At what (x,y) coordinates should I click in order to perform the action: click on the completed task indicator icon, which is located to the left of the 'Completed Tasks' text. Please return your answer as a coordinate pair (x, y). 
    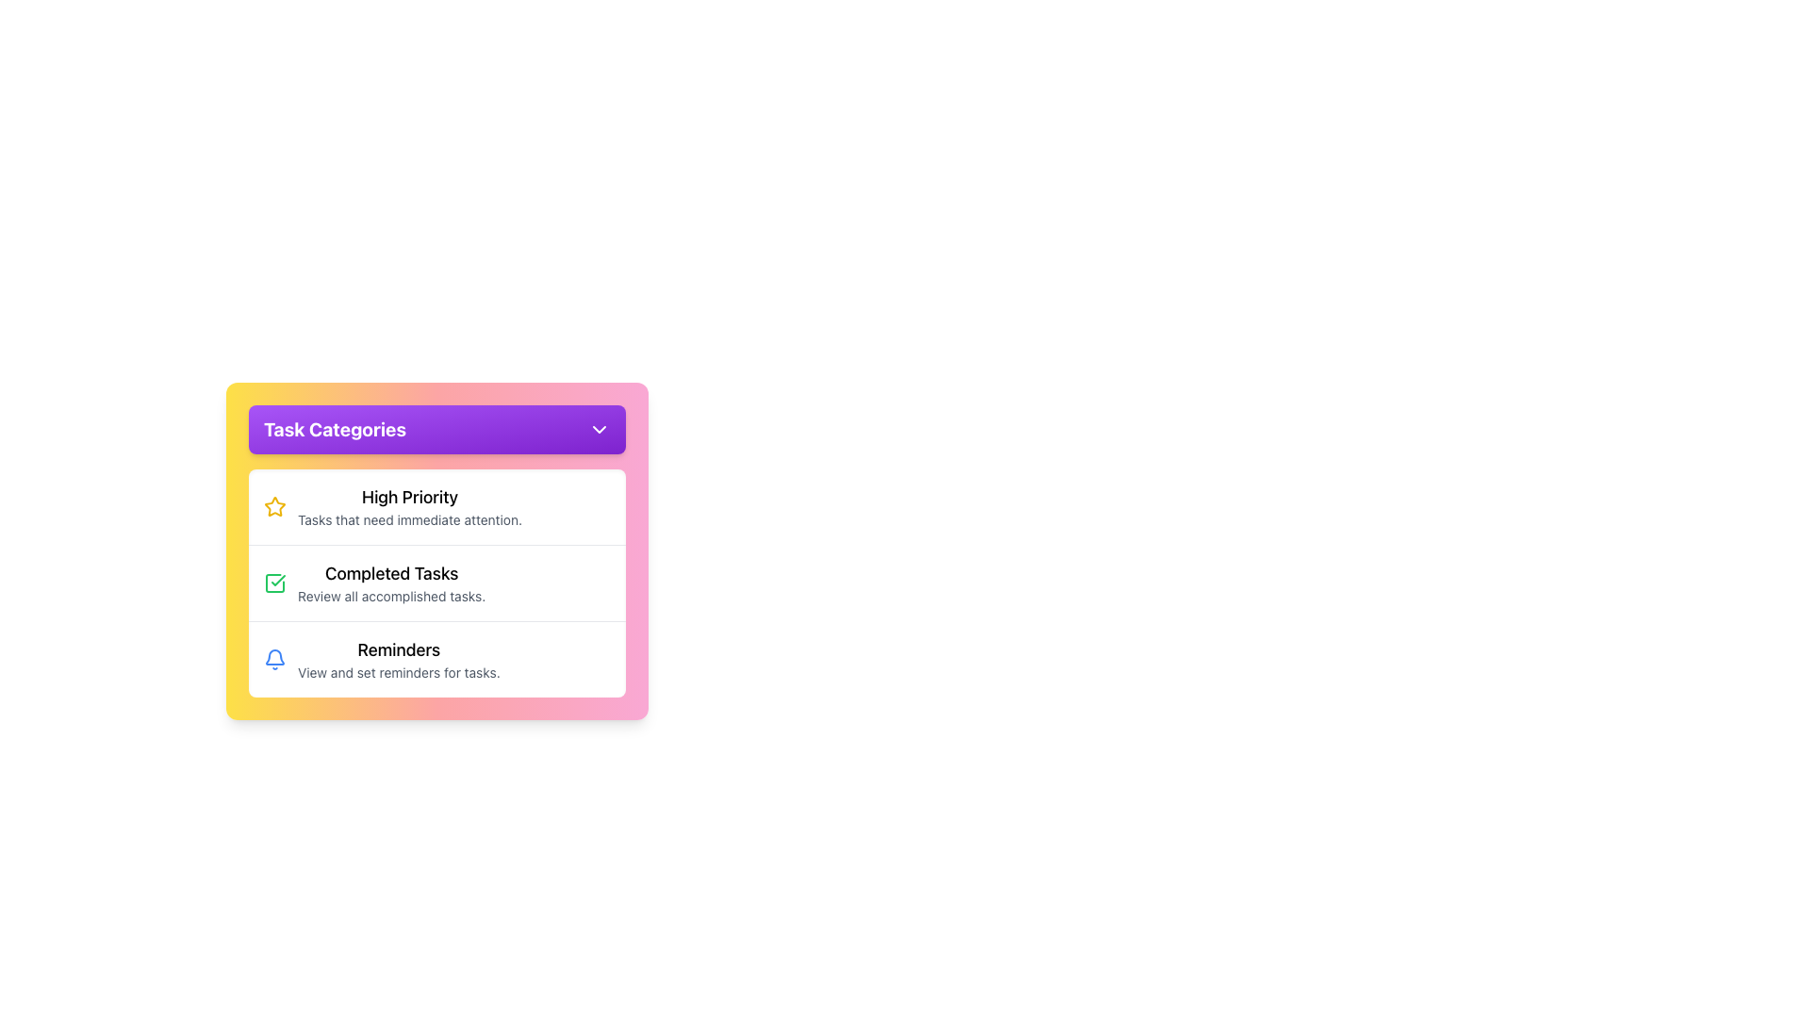
    Looking at the image, I should click on (274, 582).